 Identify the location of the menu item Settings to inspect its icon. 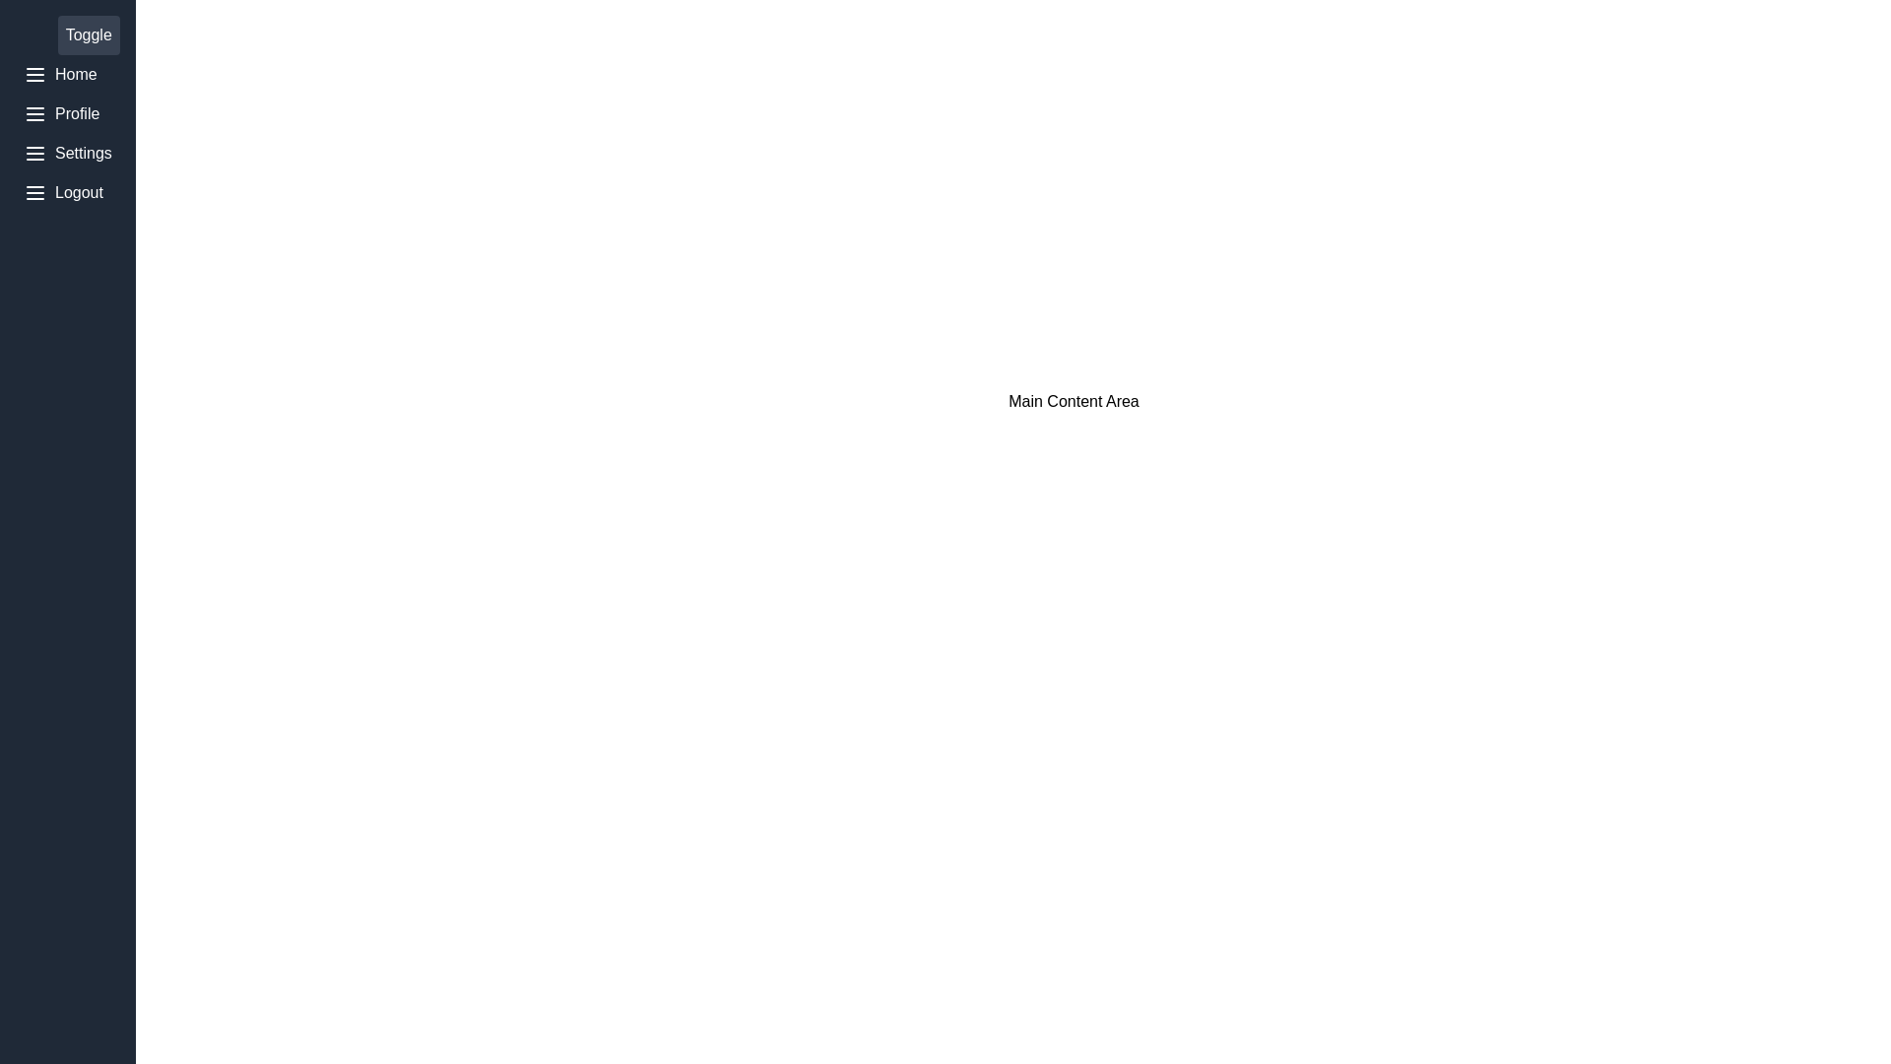
(67, 152).